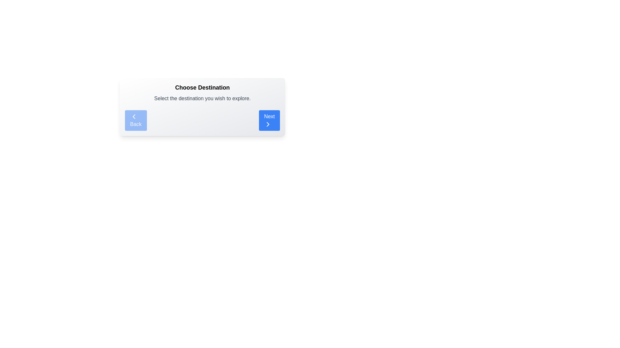 The height and width of the screenshot is (348, 620). What do you see at coordinates (269, 121) in the screenshot?
I see `the blue 'Next' button with white text and a right-facing chevron icon to proceed` at bounding box center [269, 121].